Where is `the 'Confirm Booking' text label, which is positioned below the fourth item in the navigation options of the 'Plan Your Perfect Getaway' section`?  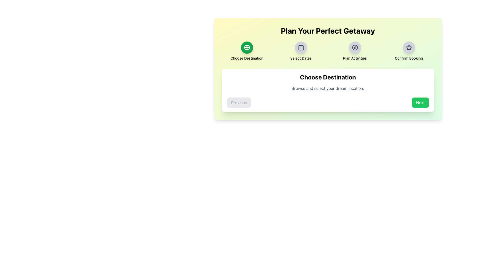 the 'Confirm Booking' text label, which is positioned below the fourth item in the navigation options of the 'Plan Your Perfect Getaway' section is located at coordinates (409, 58).